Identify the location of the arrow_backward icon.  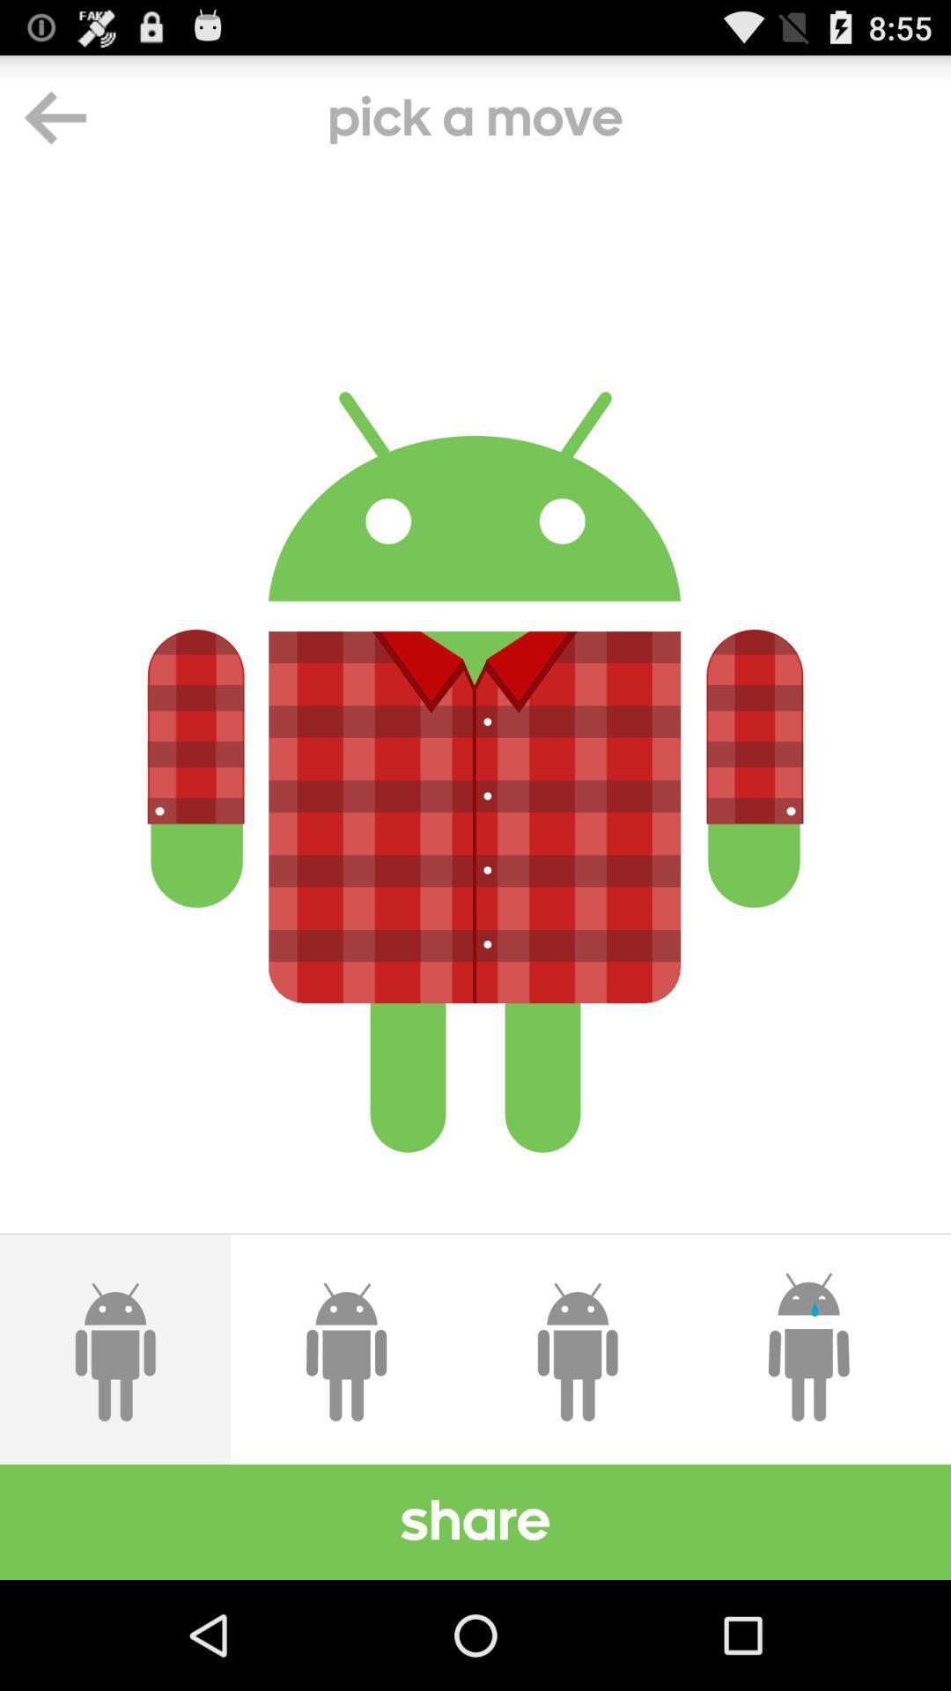
(54, 117).